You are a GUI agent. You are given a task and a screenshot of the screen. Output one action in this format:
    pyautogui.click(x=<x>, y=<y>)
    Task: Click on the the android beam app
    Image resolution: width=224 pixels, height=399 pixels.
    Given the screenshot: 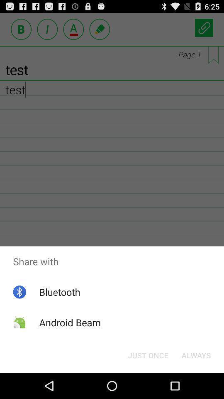 What is the action you would take?
    pyautogui.click(x=69, y=322)
    